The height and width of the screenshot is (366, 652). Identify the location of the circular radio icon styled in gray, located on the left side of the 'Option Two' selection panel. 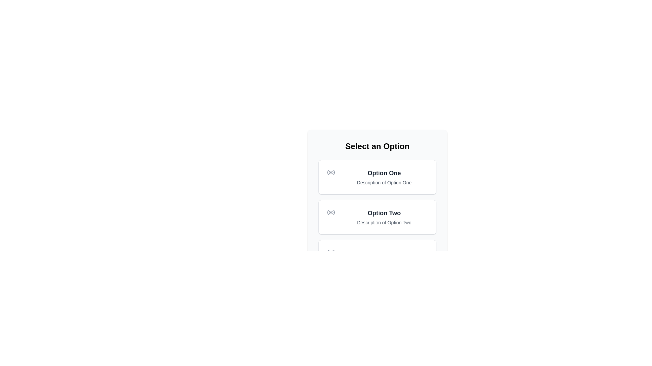
(331, 212).